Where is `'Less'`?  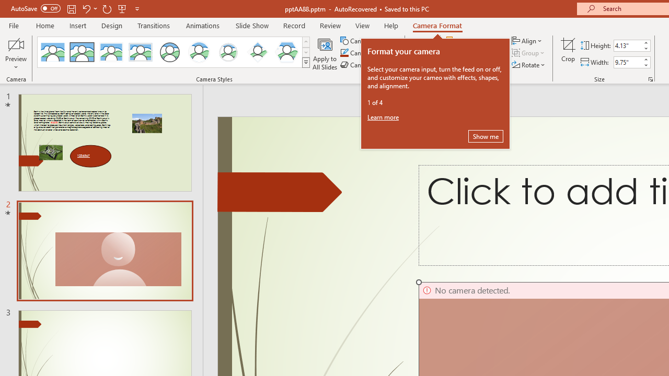
'Less' is located at coordinates (645, 65).